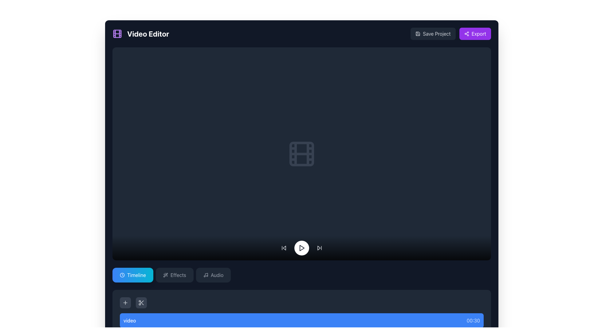 Image resolution: width=590 pixels, height=332 pixels. What do you see at coordinates (284, 247) in the screenshot?
I see `the triangular portion of the skip-backward button located in the media control bar at the bottom center of the interface` at bounding box center [284, 247].